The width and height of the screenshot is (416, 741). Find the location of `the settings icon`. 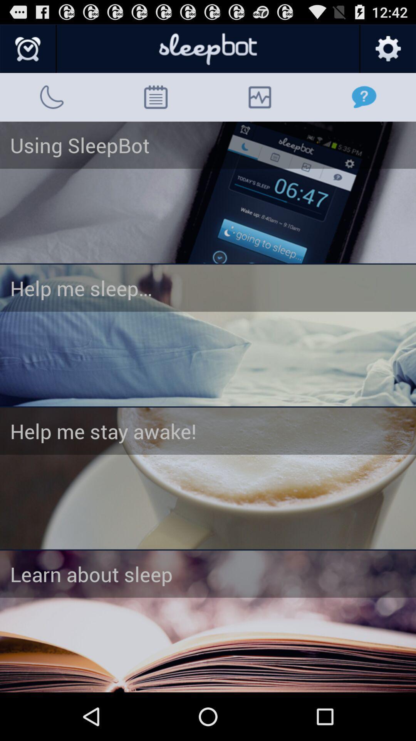

the settings icon is located at coordinates (387, 52).